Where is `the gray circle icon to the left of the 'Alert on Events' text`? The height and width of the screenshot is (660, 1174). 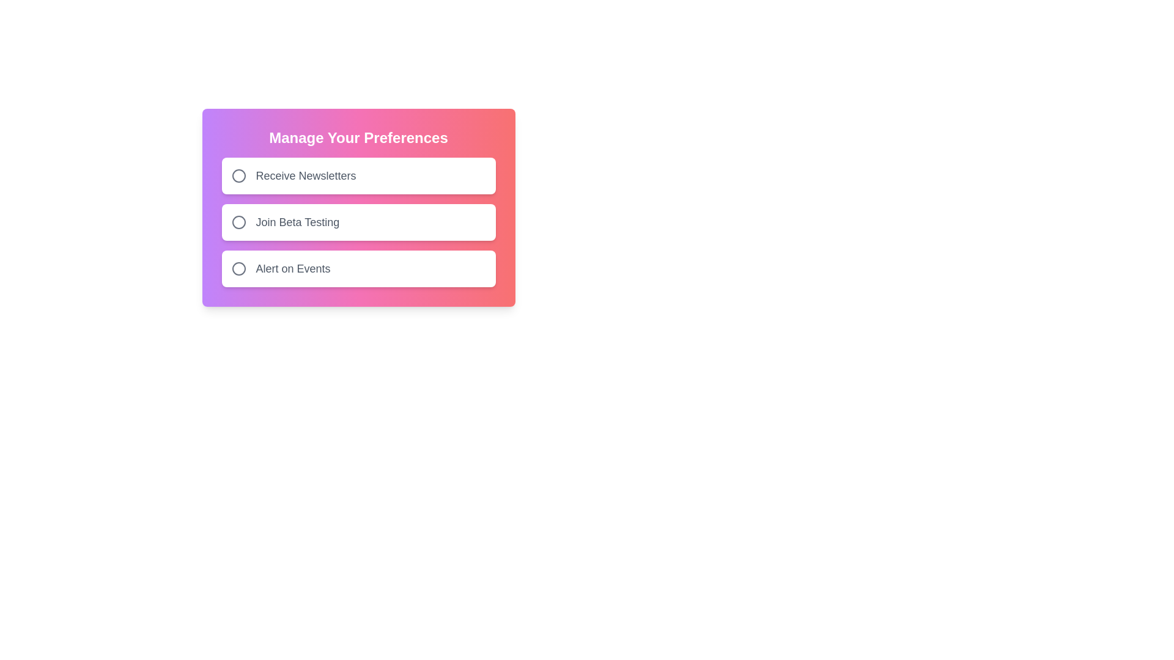
the gray circle icon to the left of the 'Alert on Events' text is located at coordinates (238, 268).